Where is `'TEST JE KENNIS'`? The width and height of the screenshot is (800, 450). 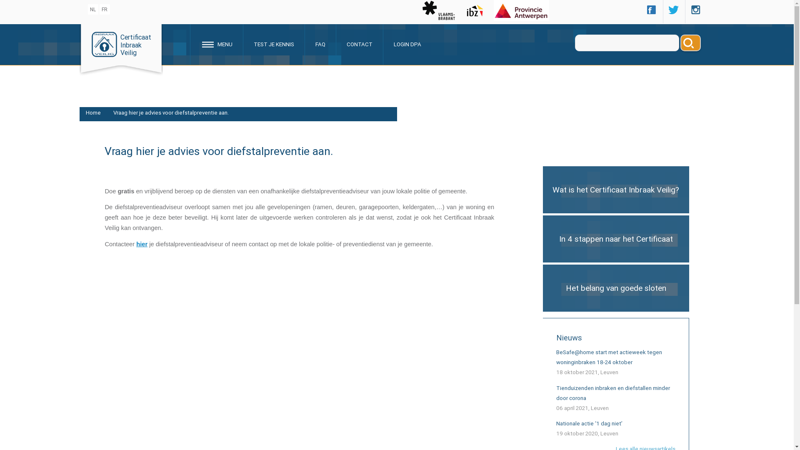 'TEST JE KENNIS' is located at coordinates (274, 45).